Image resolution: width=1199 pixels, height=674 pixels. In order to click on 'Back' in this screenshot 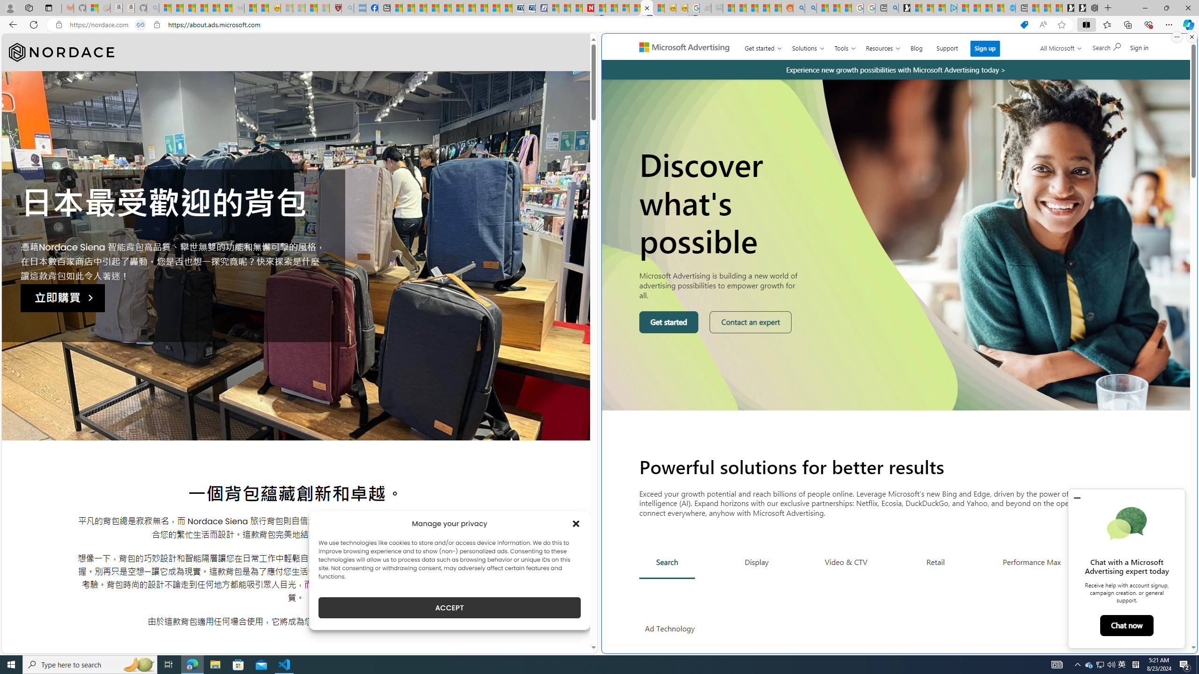, I will do `click(11, 24)`.